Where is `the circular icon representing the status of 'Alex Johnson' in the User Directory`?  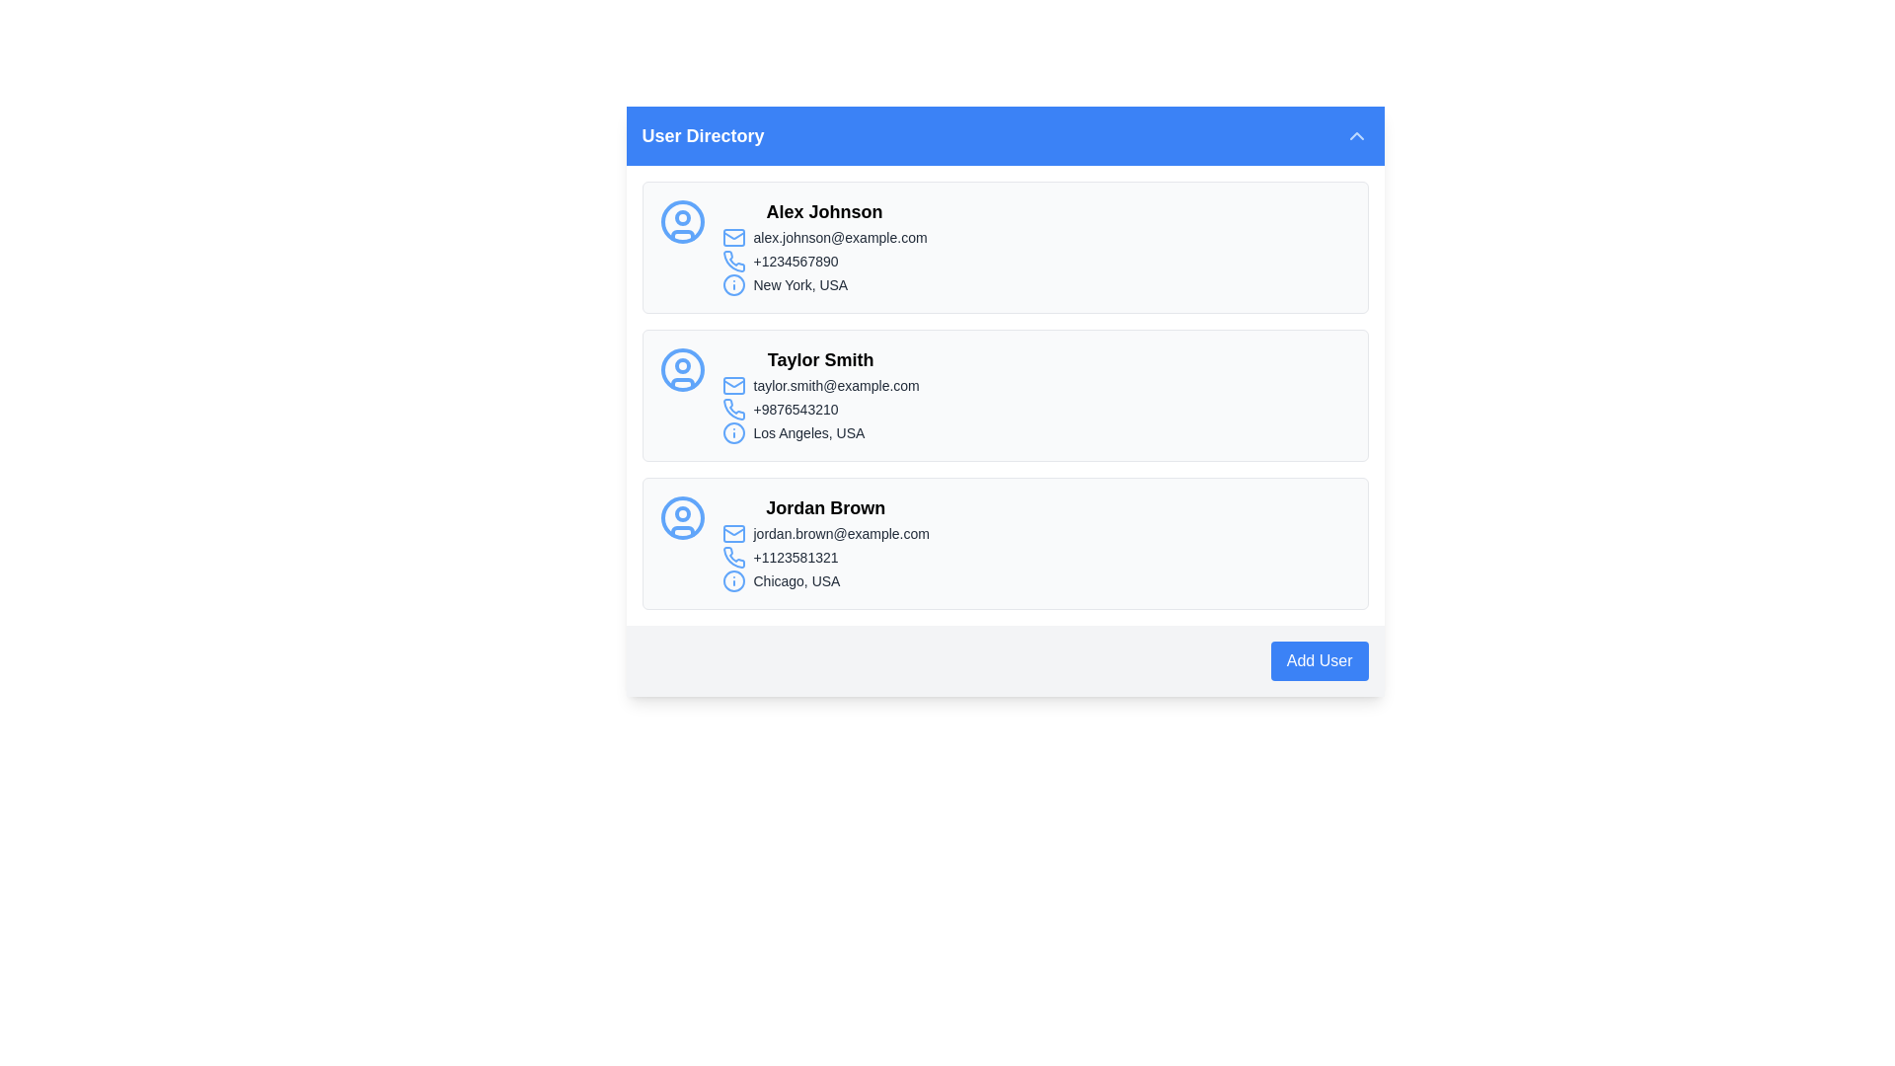
the circular icon representing the status of 'Alex Johnson' in the User Directory is located at coordinates (682, 217).